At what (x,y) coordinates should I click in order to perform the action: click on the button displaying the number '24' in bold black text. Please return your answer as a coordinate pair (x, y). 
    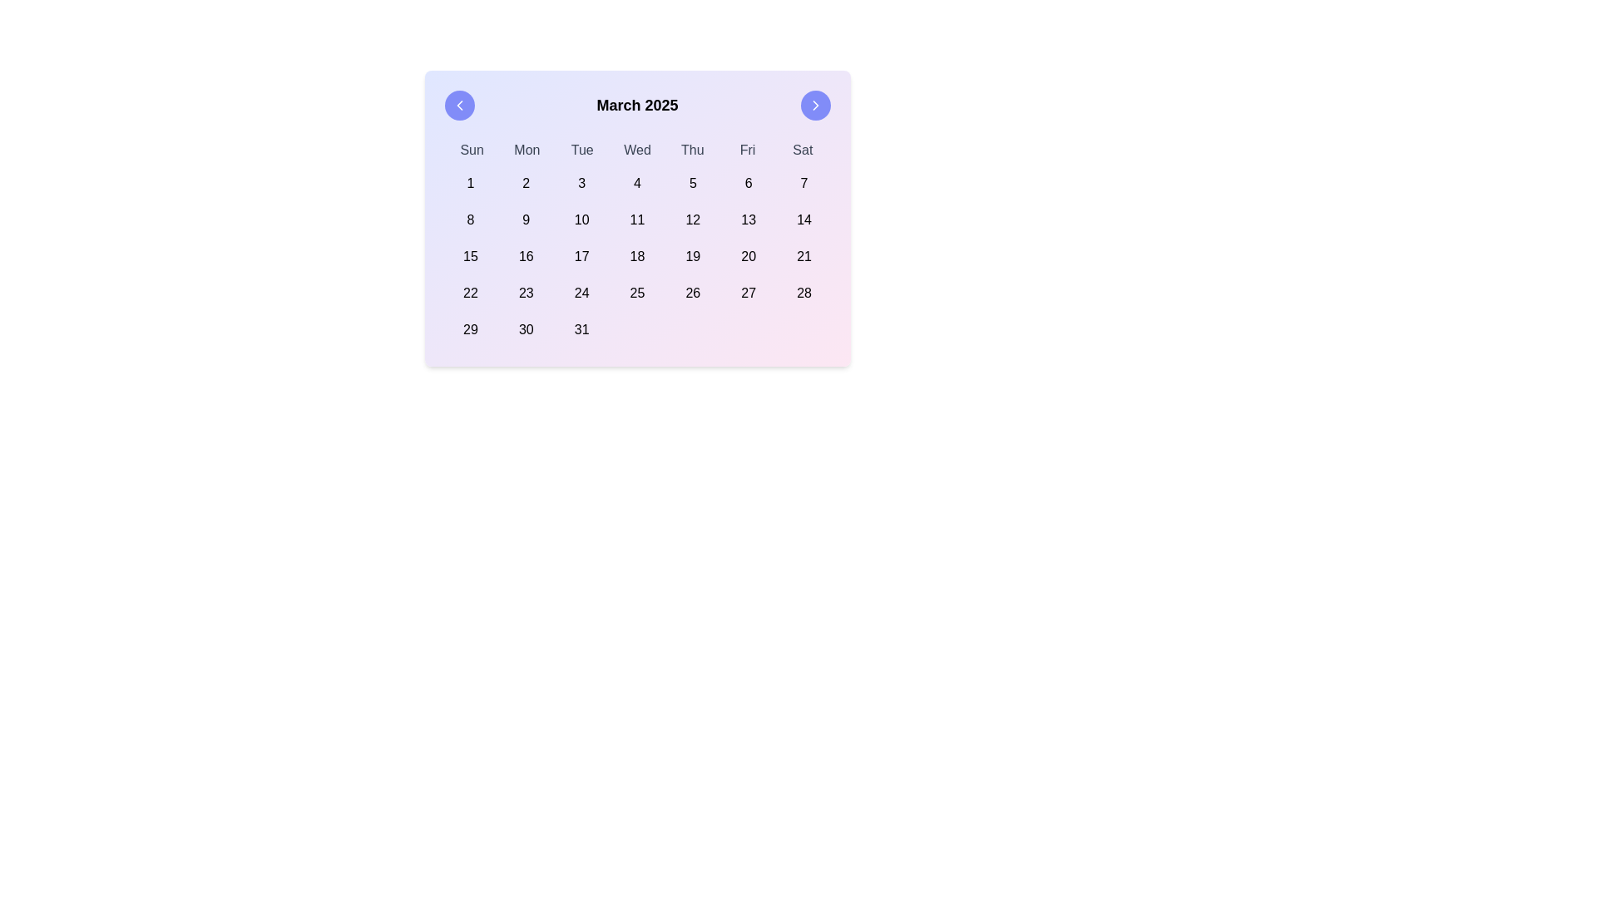
    Looking at the image, I should click on (581, 293).